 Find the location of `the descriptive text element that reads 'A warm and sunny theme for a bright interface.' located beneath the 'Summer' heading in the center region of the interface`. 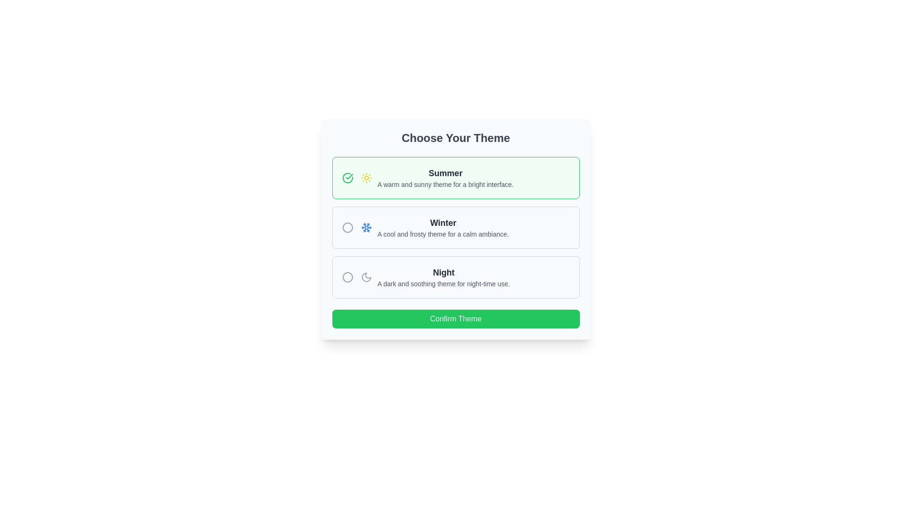

the descriptive text element that reads 'A warm and sunny theme for a bright interface.' located beneath the 'Summer' heading in the center region of the interface is located at coordinates (445, 184).